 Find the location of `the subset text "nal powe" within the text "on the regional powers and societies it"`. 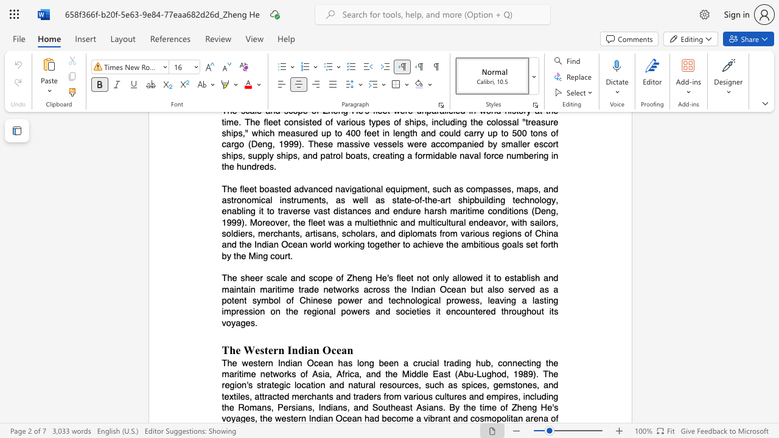

the subset text "nal powe" within the text "on the regional powers and societies it" is located at coordinates (323, 311).